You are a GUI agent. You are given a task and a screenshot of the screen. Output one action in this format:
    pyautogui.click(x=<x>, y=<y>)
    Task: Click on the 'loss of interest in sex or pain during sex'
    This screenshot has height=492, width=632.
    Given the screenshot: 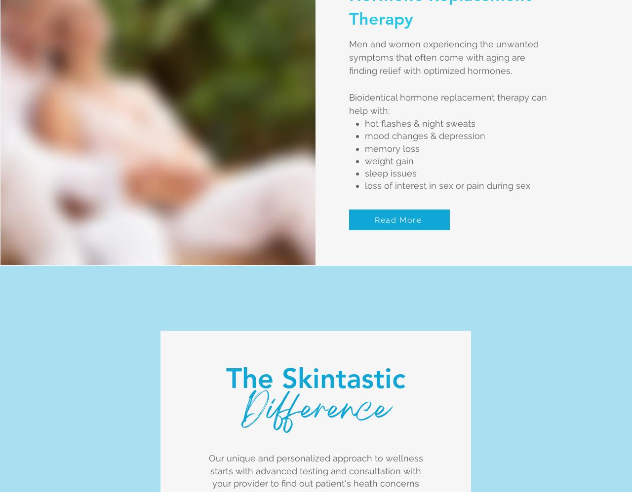 What is the action you would take?
    pyautogui.click(x=447, y=185)
    